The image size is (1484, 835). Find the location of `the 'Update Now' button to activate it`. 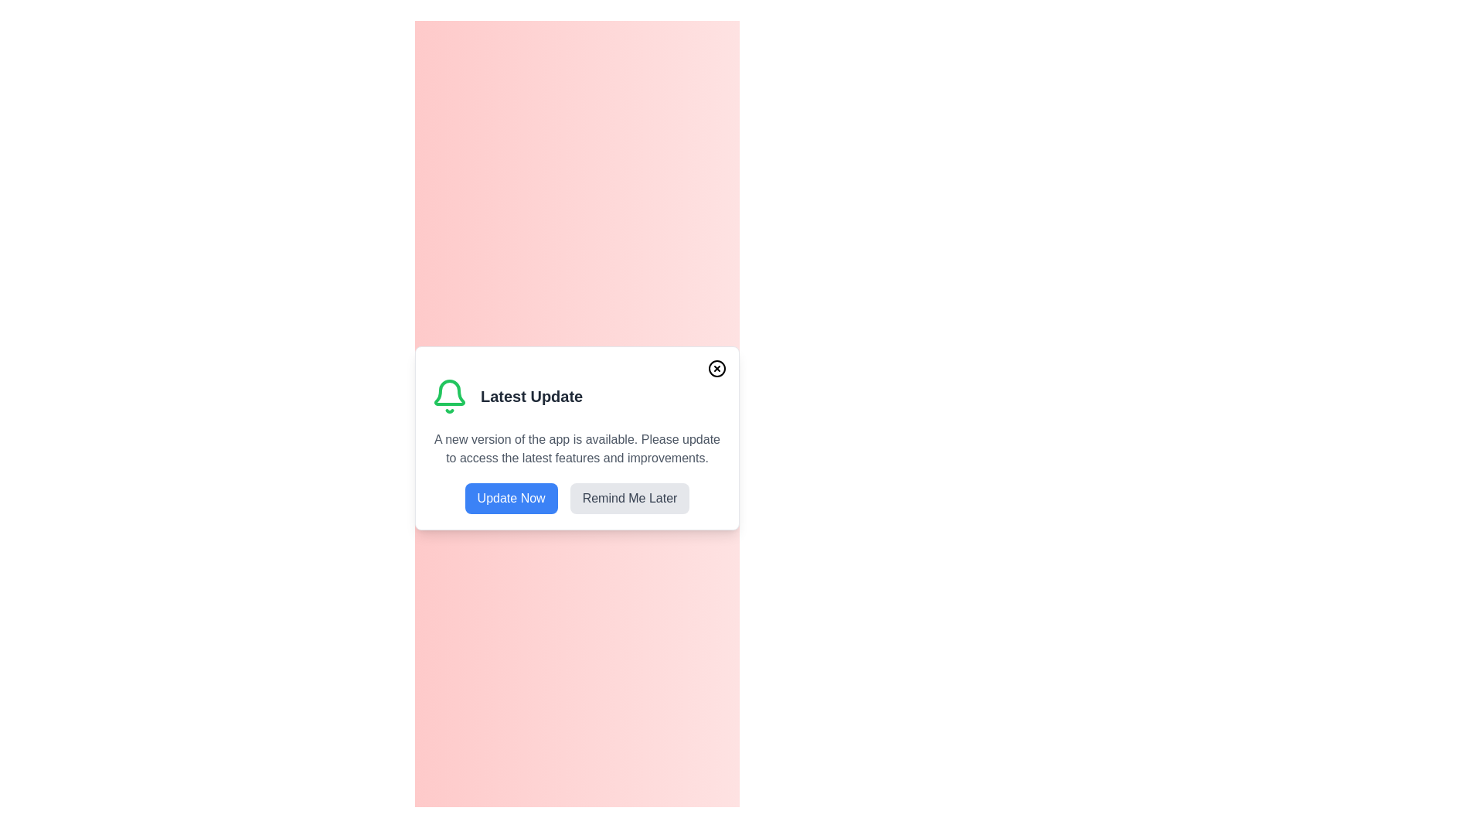

the 'Update Now' button to activate it is located at coordinates (511, 498).